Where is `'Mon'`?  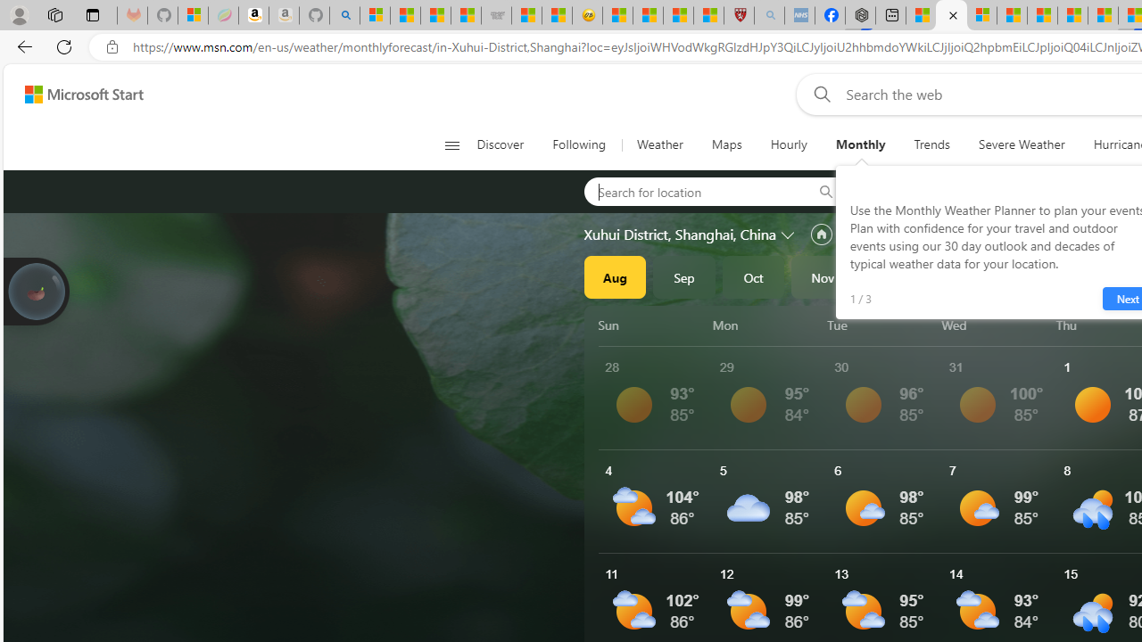 'Mon' is located at coordinates (766, 325).